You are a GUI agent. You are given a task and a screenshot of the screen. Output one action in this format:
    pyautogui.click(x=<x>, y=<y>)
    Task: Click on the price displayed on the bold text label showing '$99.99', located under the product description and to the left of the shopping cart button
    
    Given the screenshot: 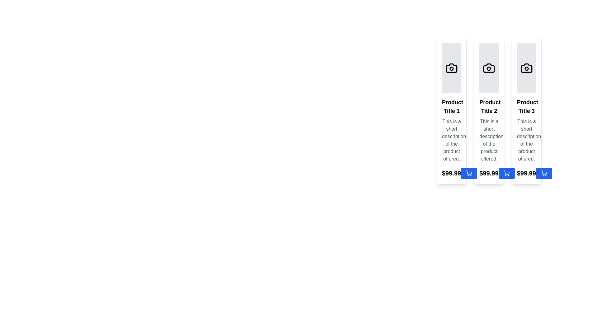 What is the action you would take?
    pyautogui.click(x=452, y=173)
    